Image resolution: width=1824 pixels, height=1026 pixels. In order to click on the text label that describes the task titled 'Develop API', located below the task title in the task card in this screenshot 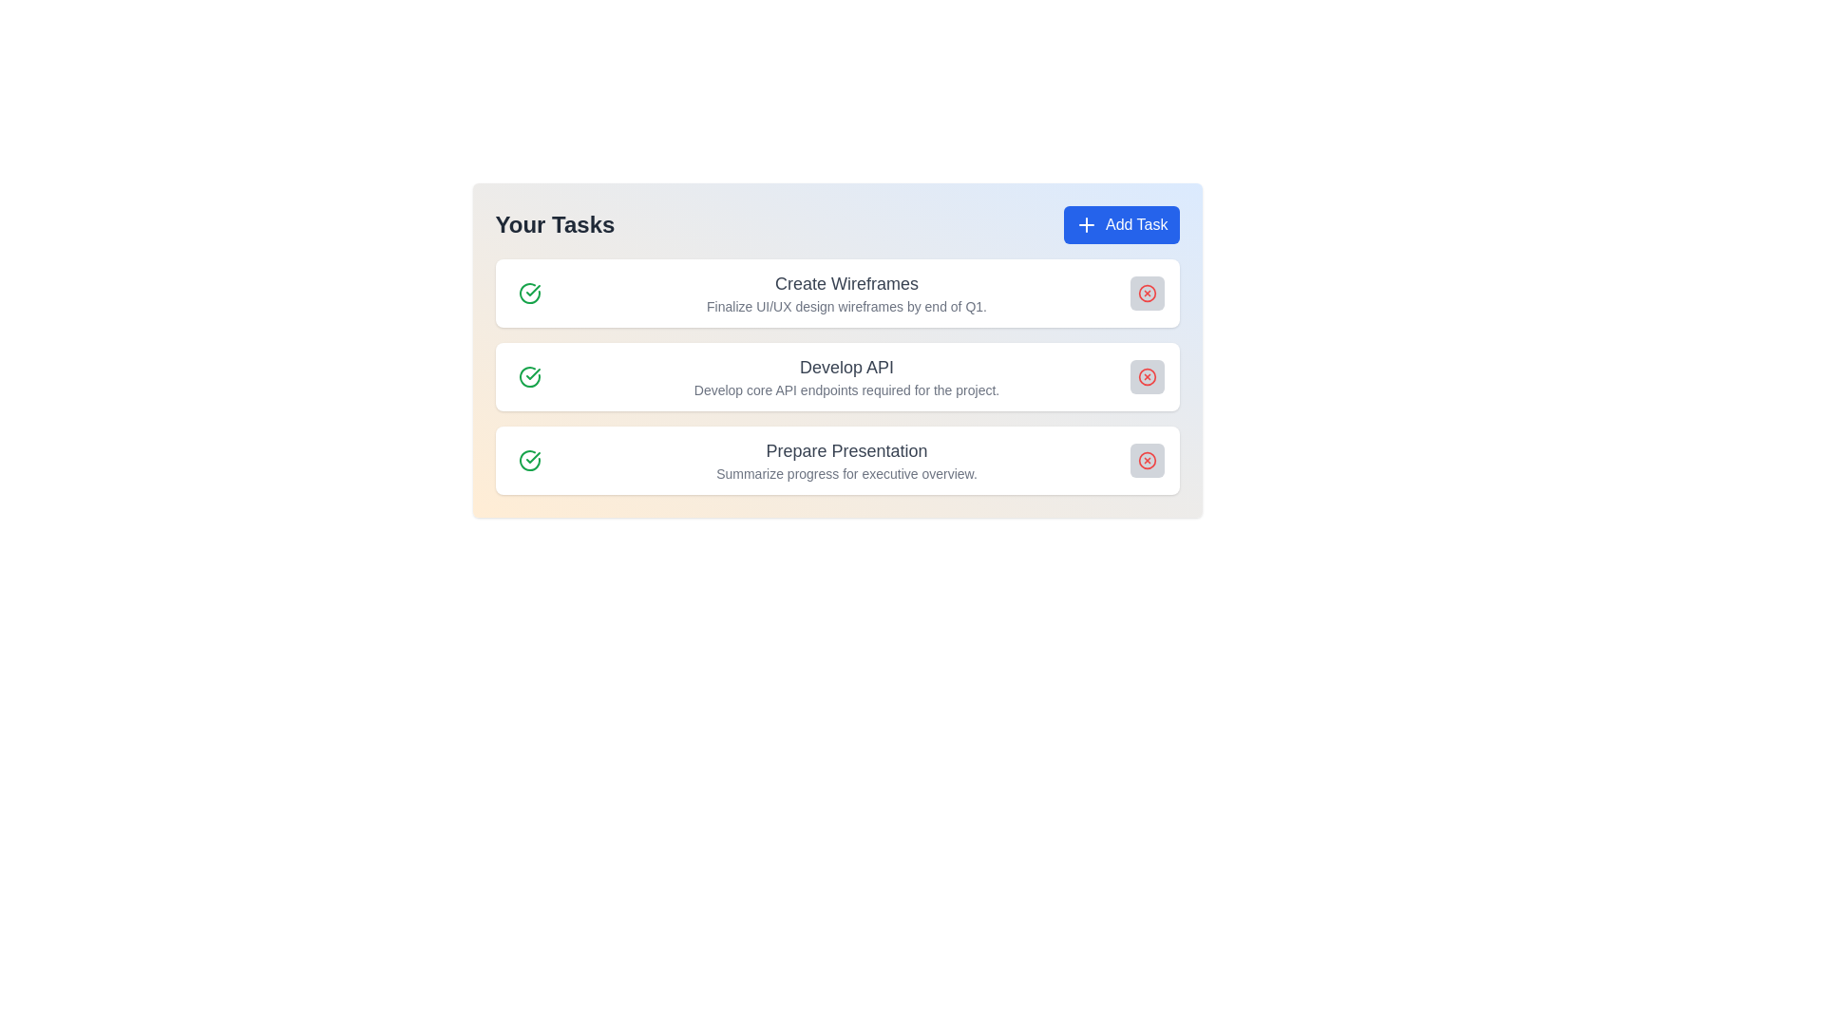, I will do `click(845, 389)`.